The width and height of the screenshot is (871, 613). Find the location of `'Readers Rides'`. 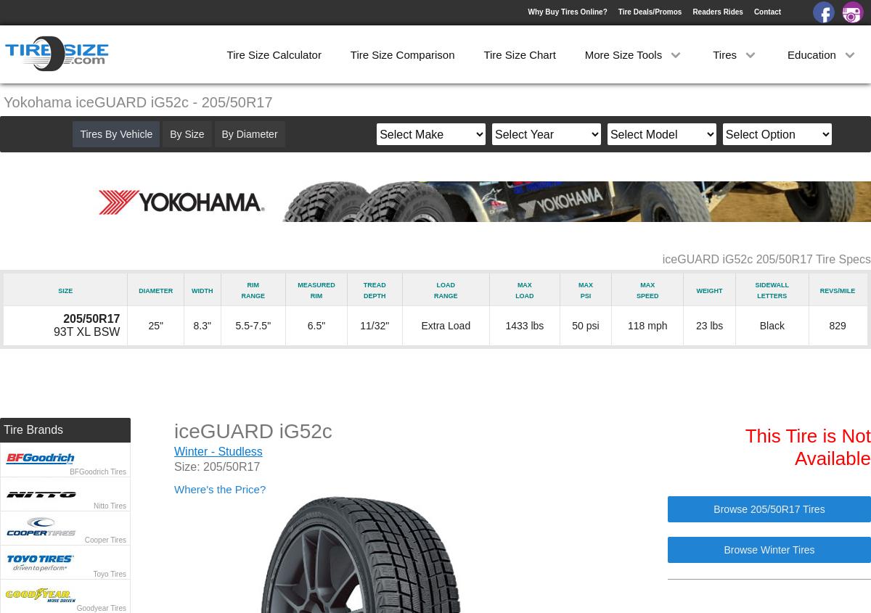

'Readers Rides' is located at coordinates (692, 11).